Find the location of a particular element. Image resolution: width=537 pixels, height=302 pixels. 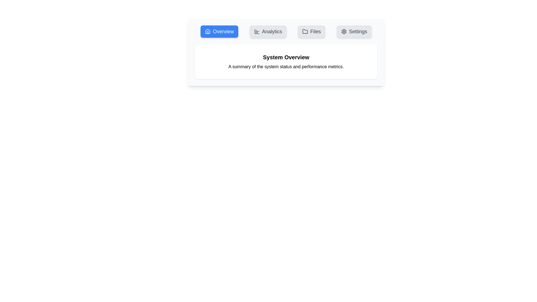

the bar chart icon located to the left of the 'Analytics' label in the navigation bar, which is represented by three horizontal bars of varying lengths within a square outline is located at coordinates (256, 31).